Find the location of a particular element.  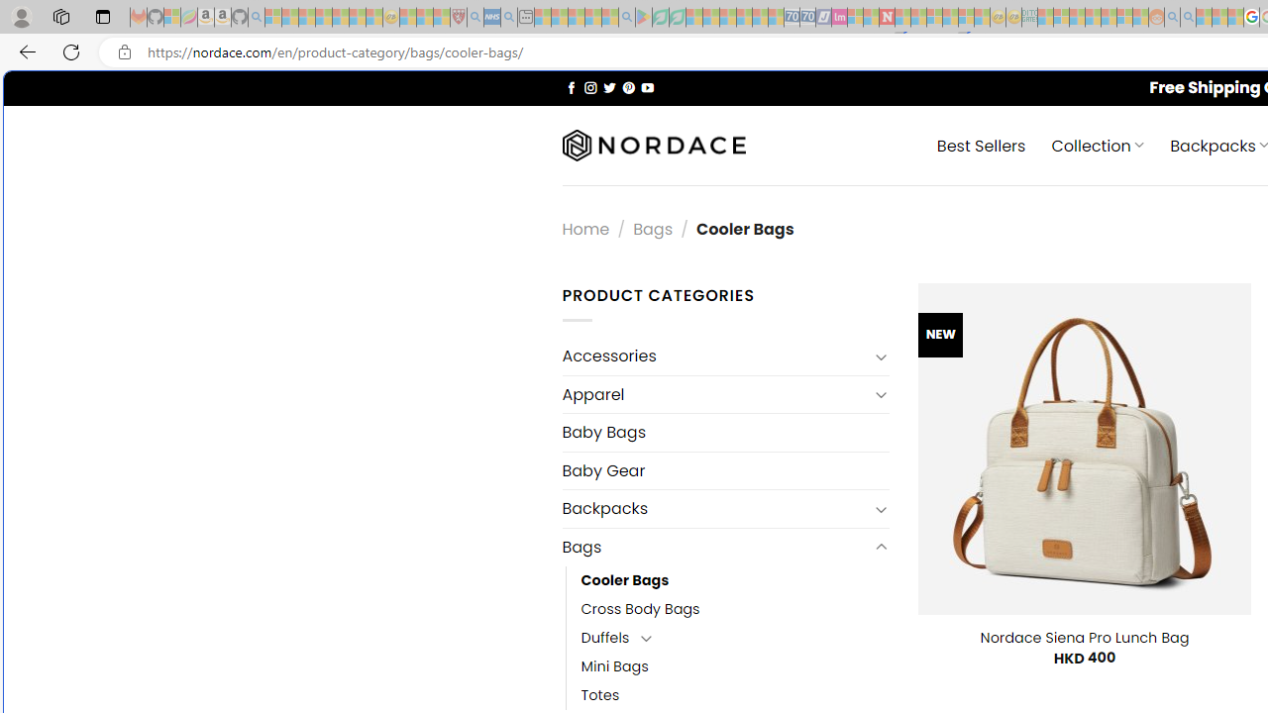

'14 Common Myths Debunked By Scientific Facts - Sleeping' is located at coordinates (918, 17).